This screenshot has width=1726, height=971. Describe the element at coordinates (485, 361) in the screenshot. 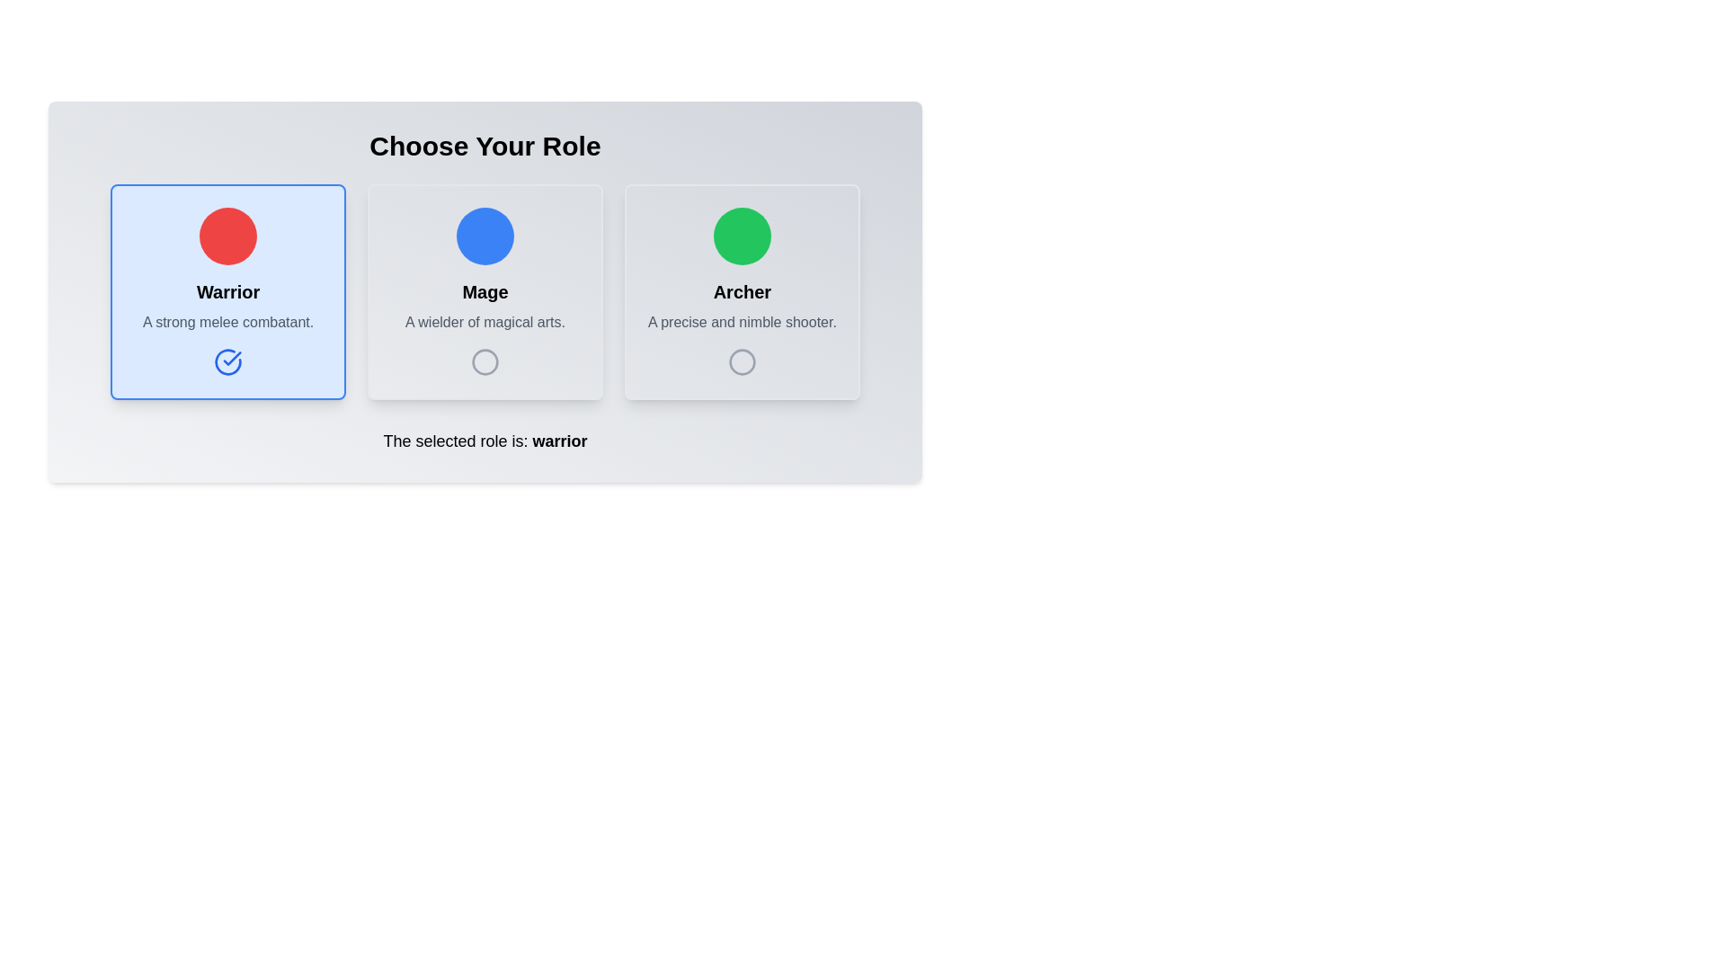

I see `the circular radio button with a gray border centered within the 'Mage' card` at that location.